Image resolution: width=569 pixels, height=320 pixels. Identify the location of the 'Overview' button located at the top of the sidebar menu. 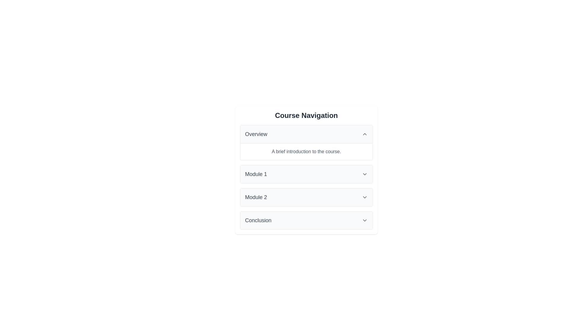
(306, 134).